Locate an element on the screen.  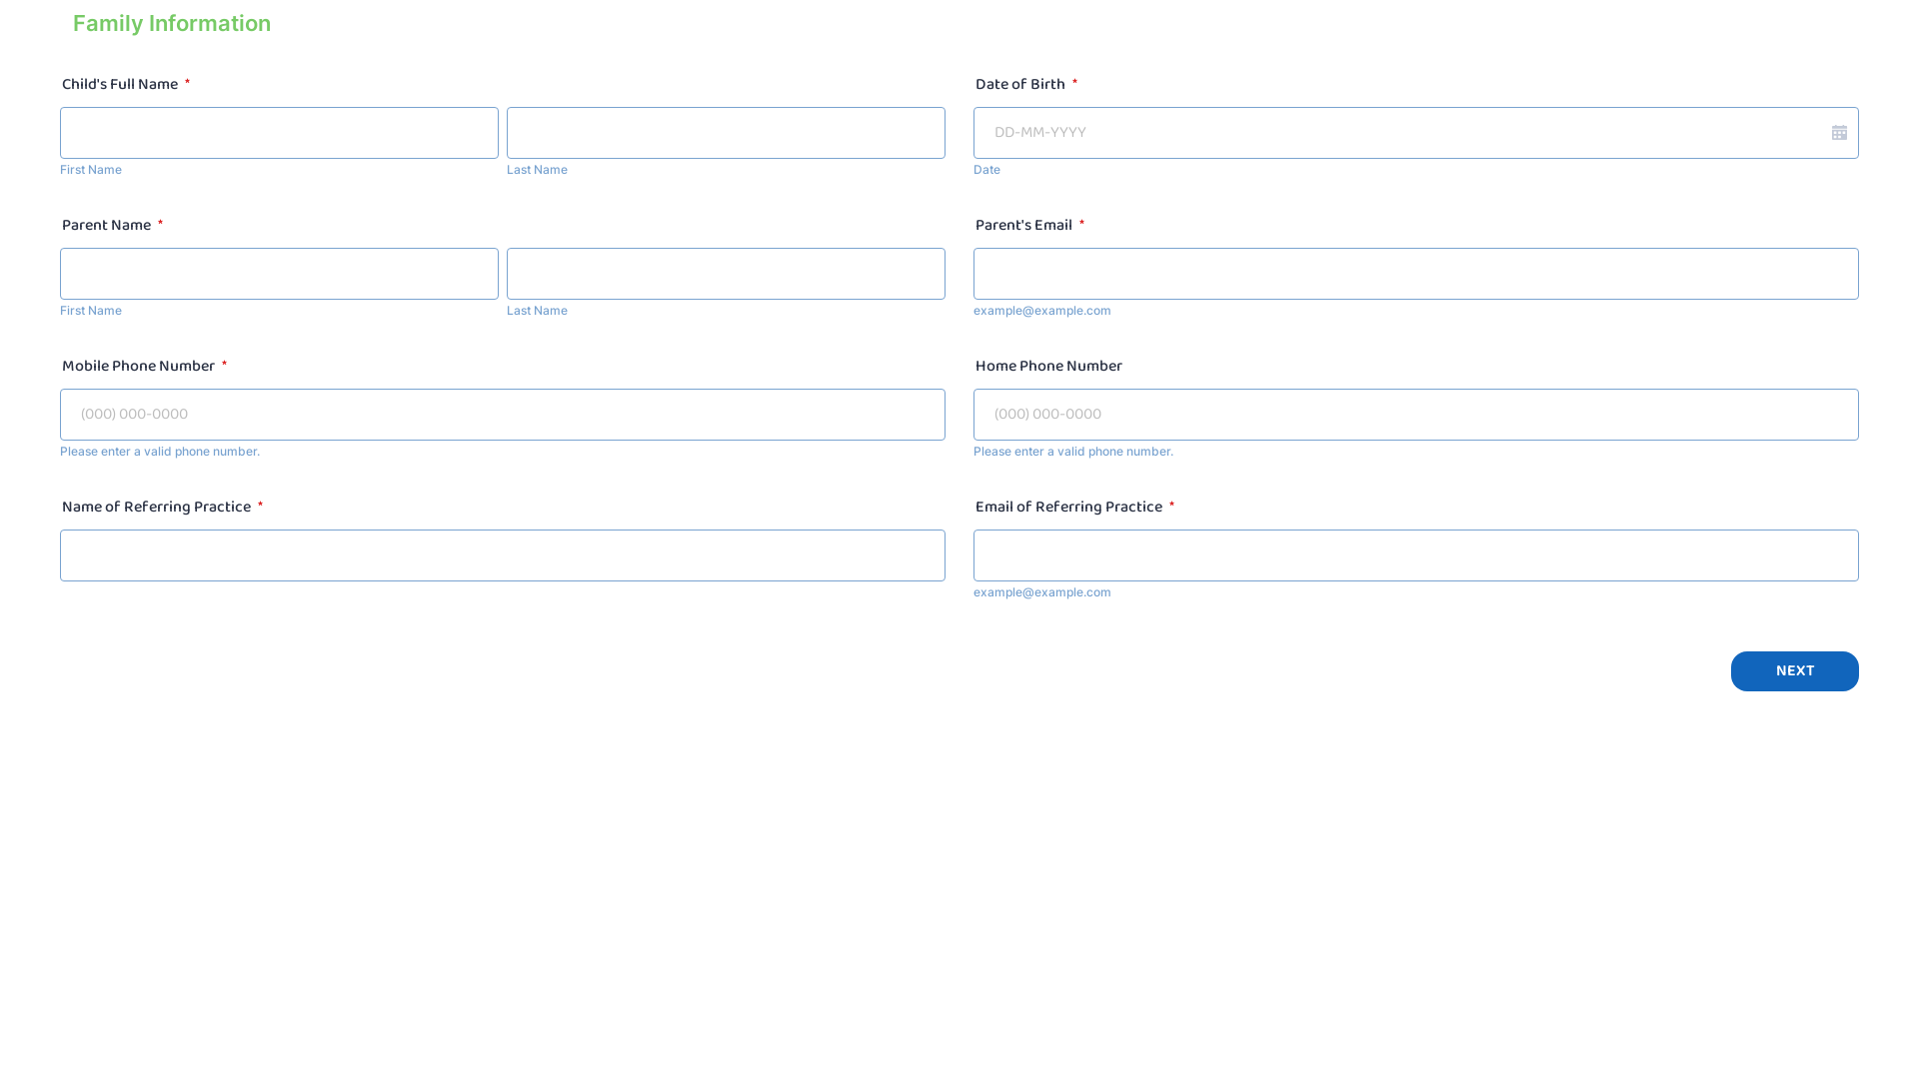
'NEXT' is located at coordinates (1794, 670).